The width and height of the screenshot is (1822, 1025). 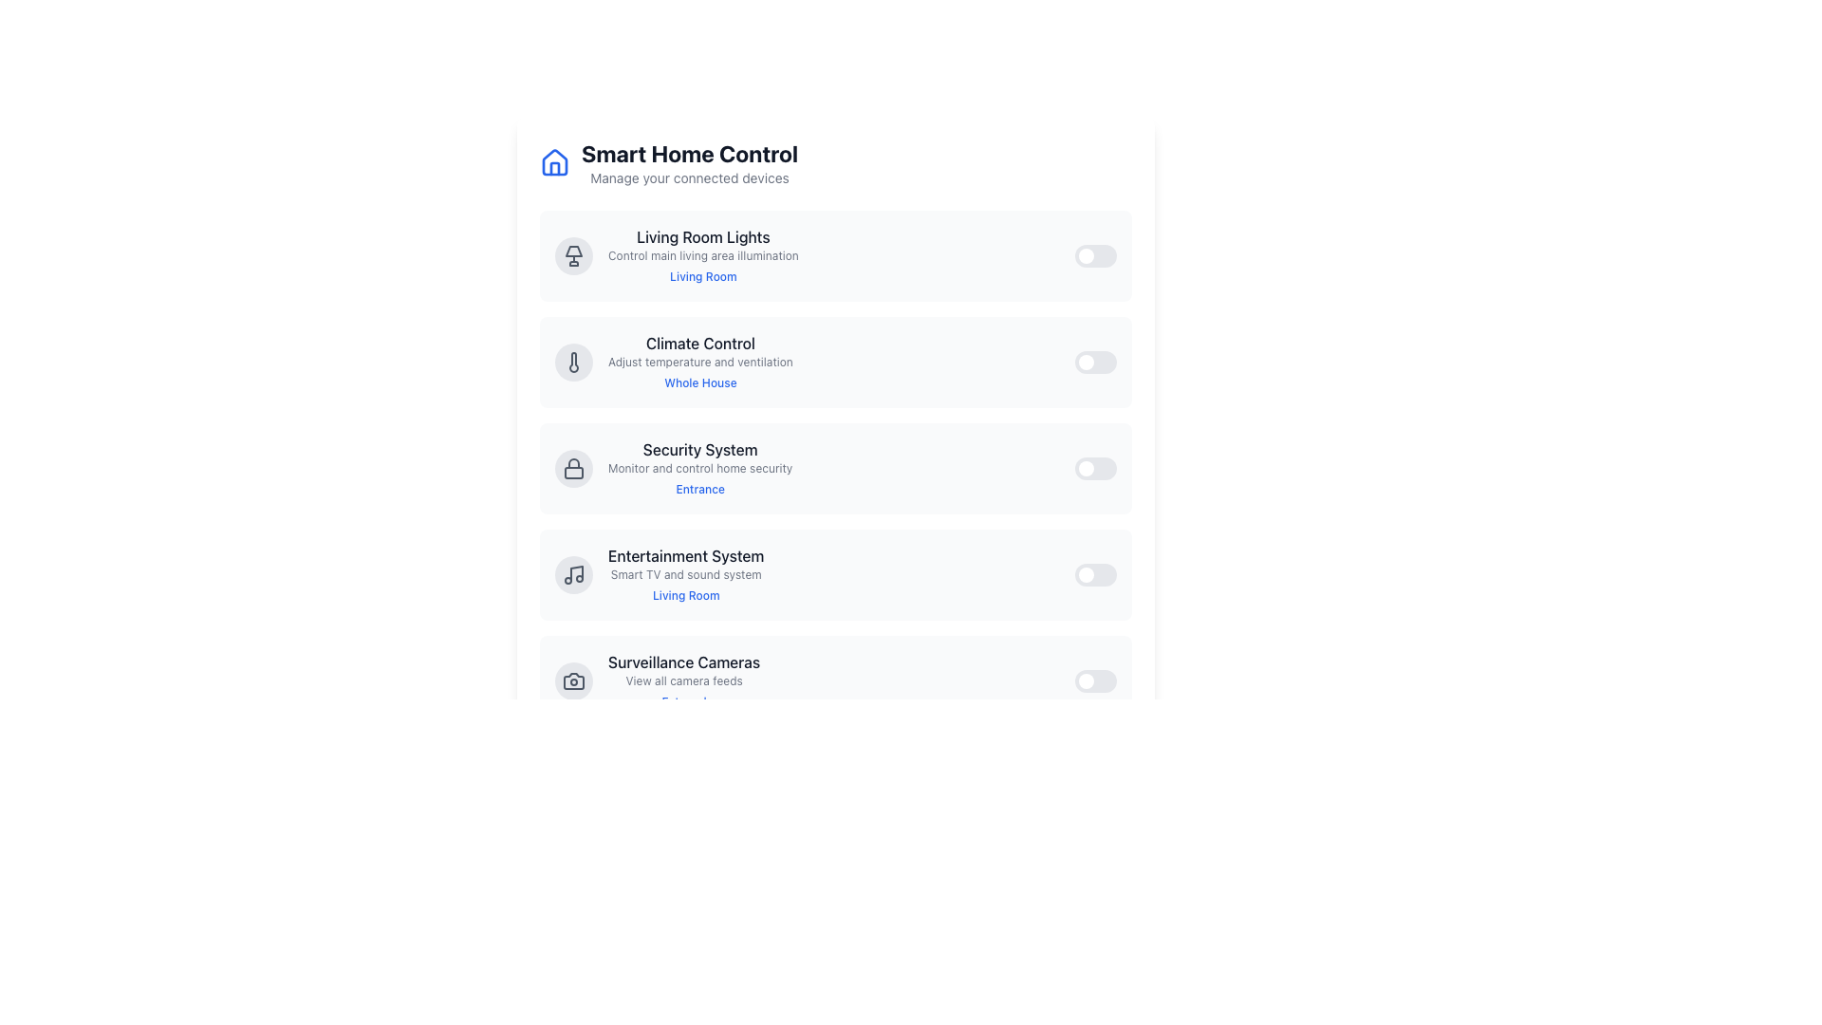 I want to click on the home icon located at the top left corner of the interface, adjacent to the text 'Smart Home Control', so click(x=554, y=160).